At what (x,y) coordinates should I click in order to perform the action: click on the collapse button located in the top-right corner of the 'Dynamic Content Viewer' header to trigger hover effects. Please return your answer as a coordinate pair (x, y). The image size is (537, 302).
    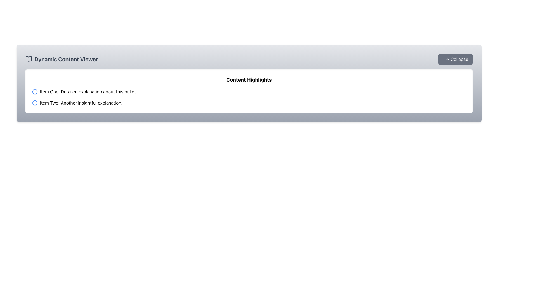
    Looking at the image, I should click on (455, 59).